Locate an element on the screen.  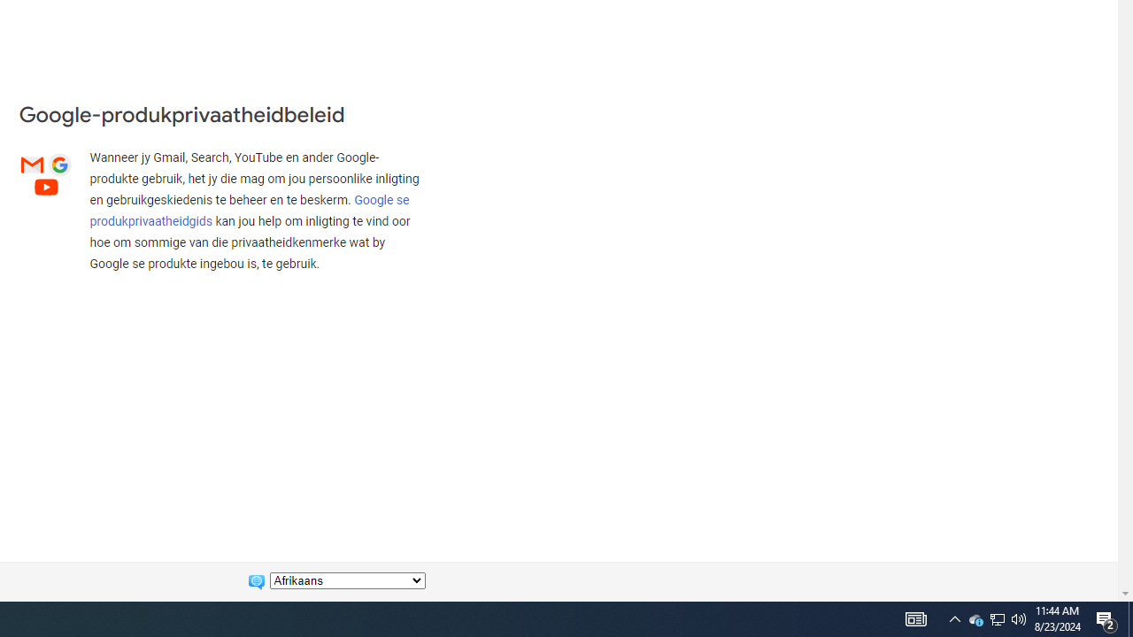
'Google se produkprivaatheidgids' is located at coordinates (249, 209).